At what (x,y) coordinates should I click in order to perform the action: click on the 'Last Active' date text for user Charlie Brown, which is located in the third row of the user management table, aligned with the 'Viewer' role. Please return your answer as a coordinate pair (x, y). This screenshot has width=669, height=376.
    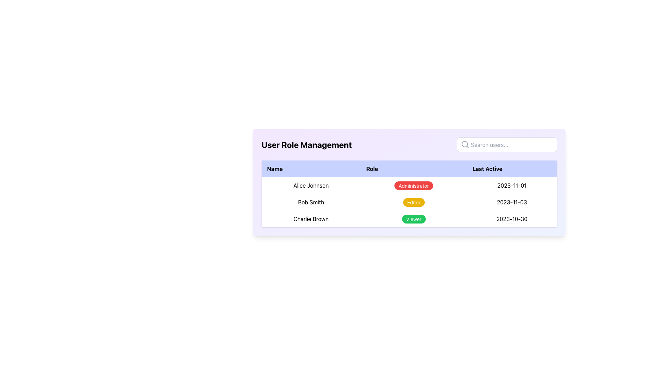
    Looking at the image, I should click on (512, 218).